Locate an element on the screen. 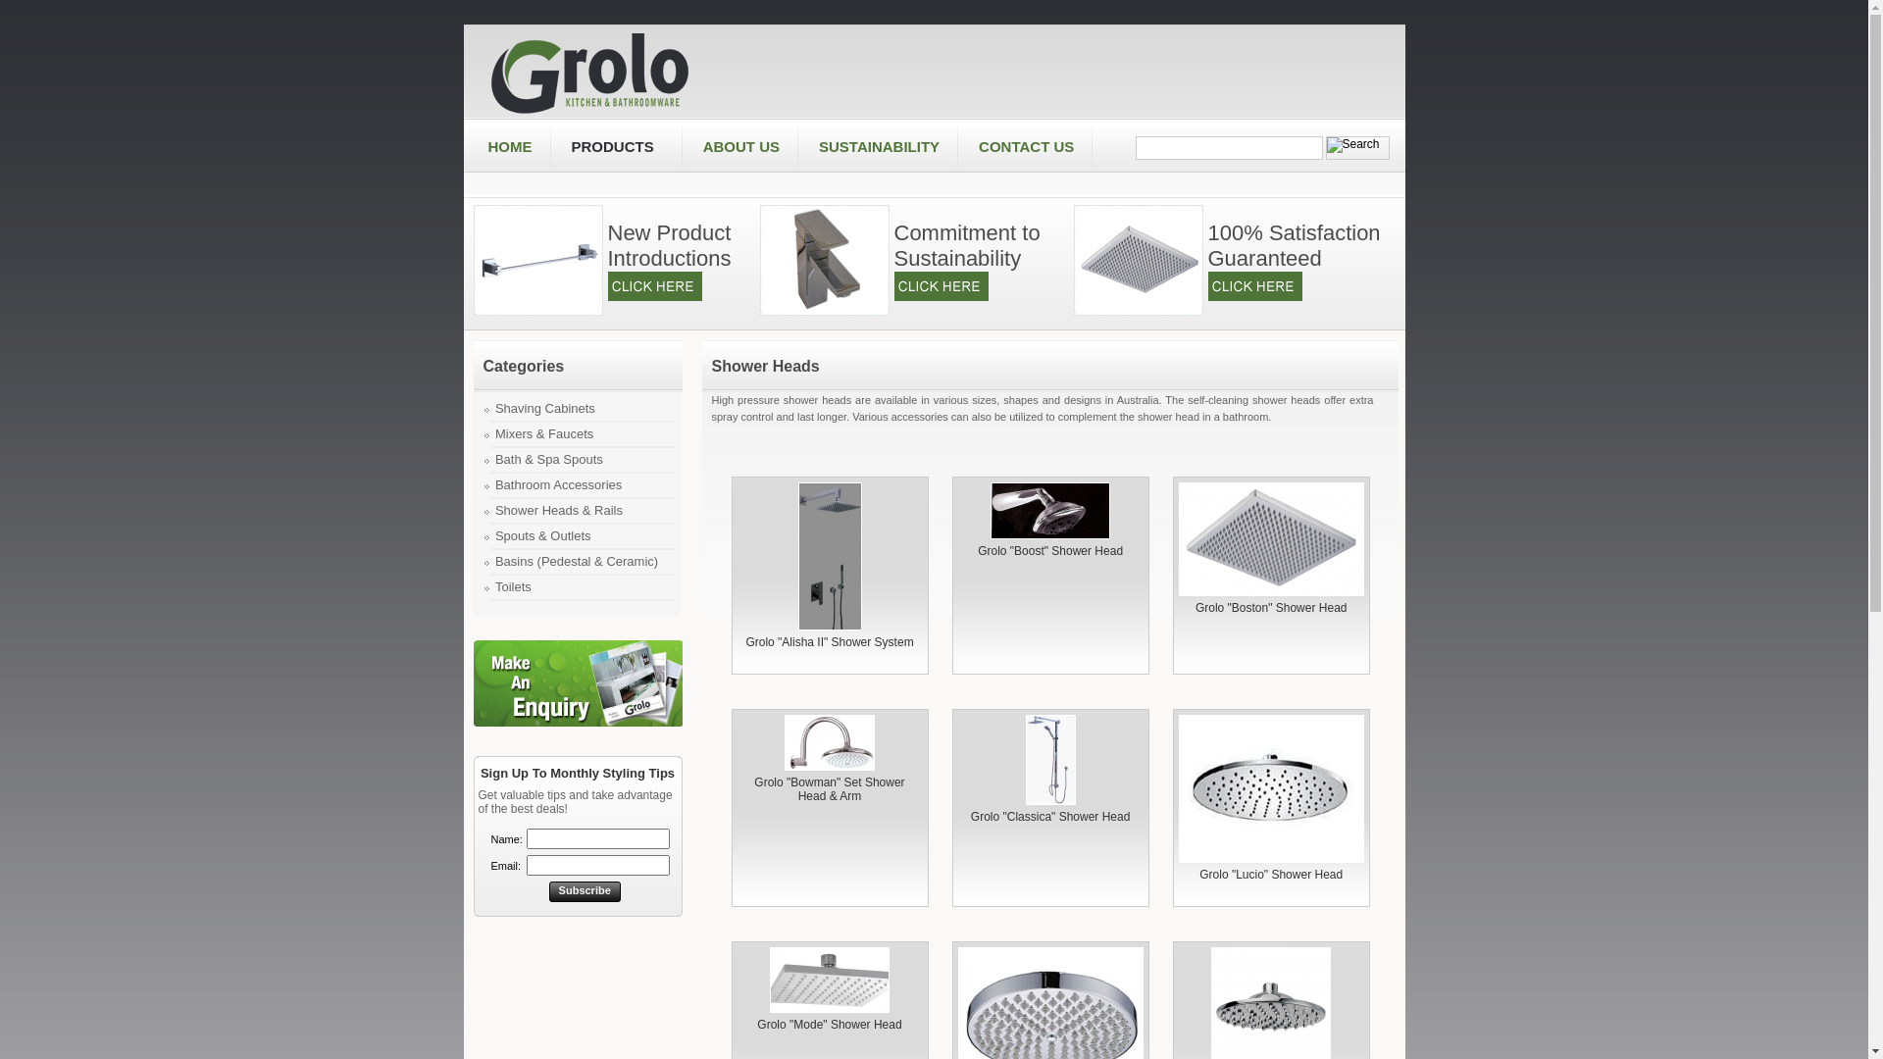 The height and width of the screenshot is (1059, 1883). 'Grolo "Lucio" Shower Head' is located at coordinates (1177, 787).